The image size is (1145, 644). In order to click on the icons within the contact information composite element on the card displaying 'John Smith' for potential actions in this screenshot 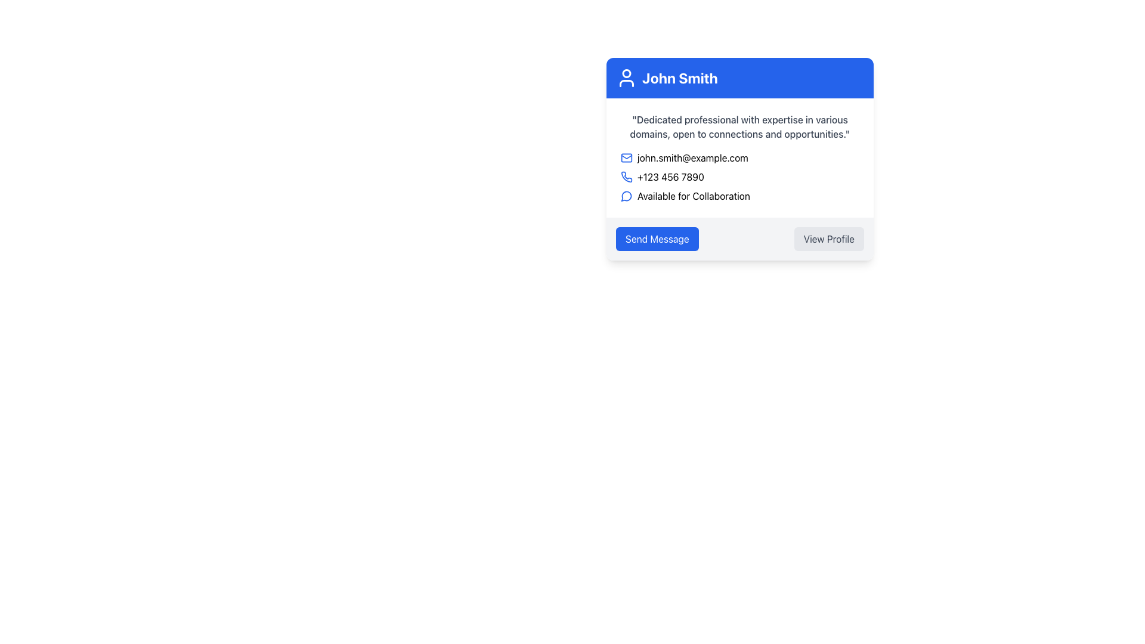, I will do `click(739, 177)`.